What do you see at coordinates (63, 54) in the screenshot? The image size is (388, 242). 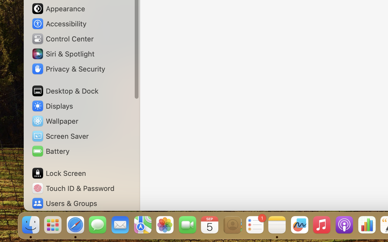 I see `'Siri & Spotlight'` at bounding box center [63, 54].